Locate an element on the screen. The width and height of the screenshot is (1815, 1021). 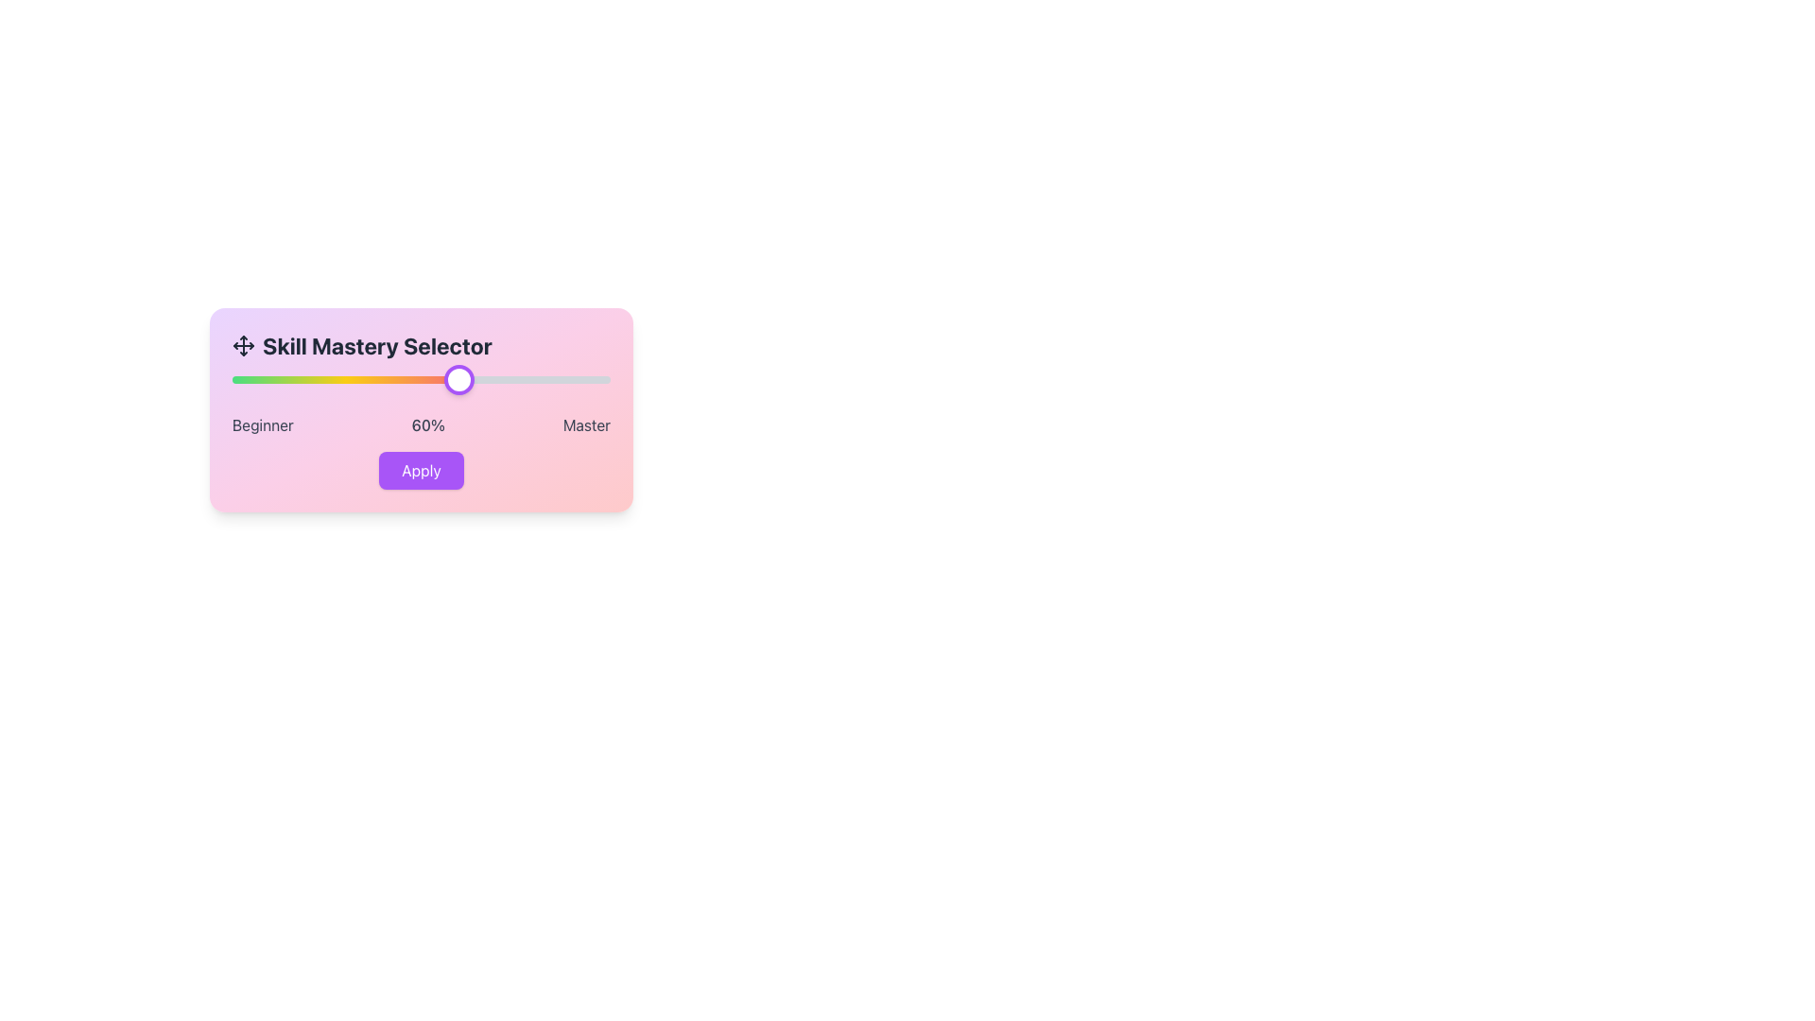
the button that triggers the action for saving or confirming the selected percentage on the 'Skill Mastery Selector', located in the lower section beneath the progress bar is located at coordinates (421, 469).